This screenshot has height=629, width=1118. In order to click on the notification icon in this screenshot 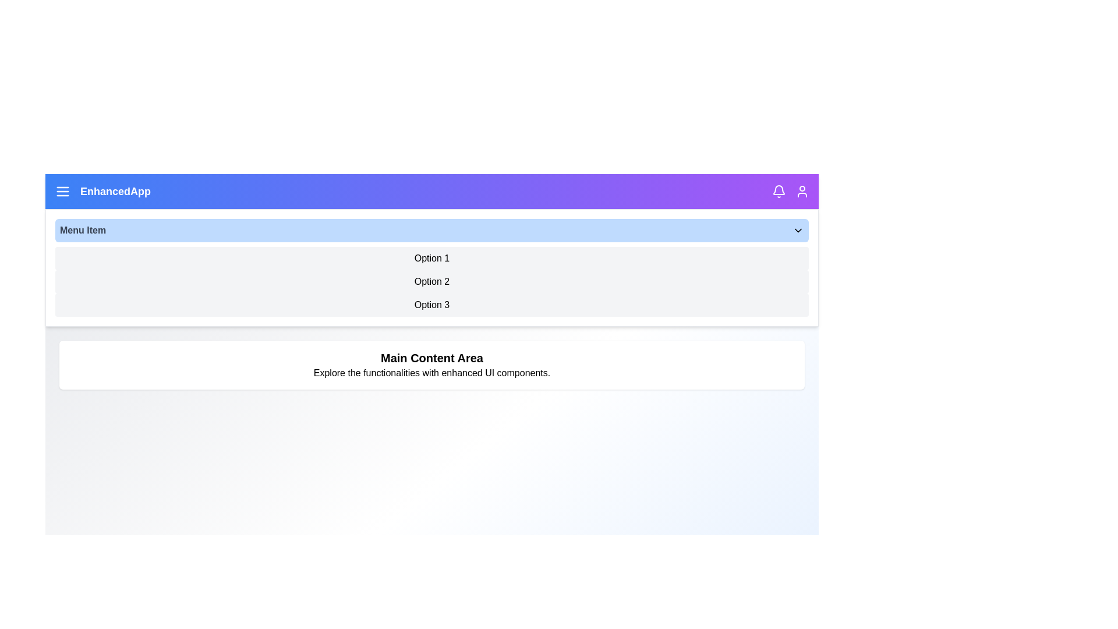, I will do `click(779, 190)`.